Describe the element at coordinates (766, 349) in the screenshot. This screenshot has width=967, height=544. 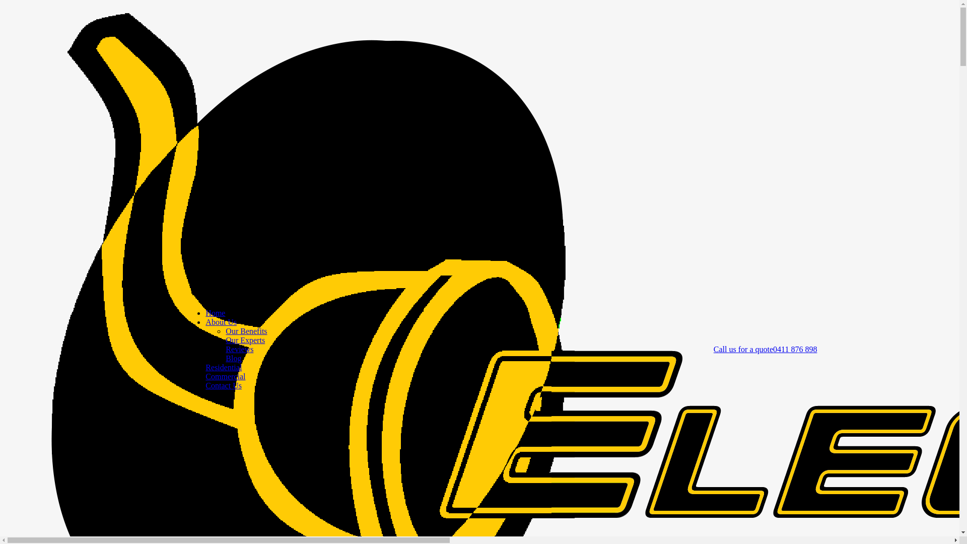
I see `'Call us for a quote0411 876 898'` at that location.